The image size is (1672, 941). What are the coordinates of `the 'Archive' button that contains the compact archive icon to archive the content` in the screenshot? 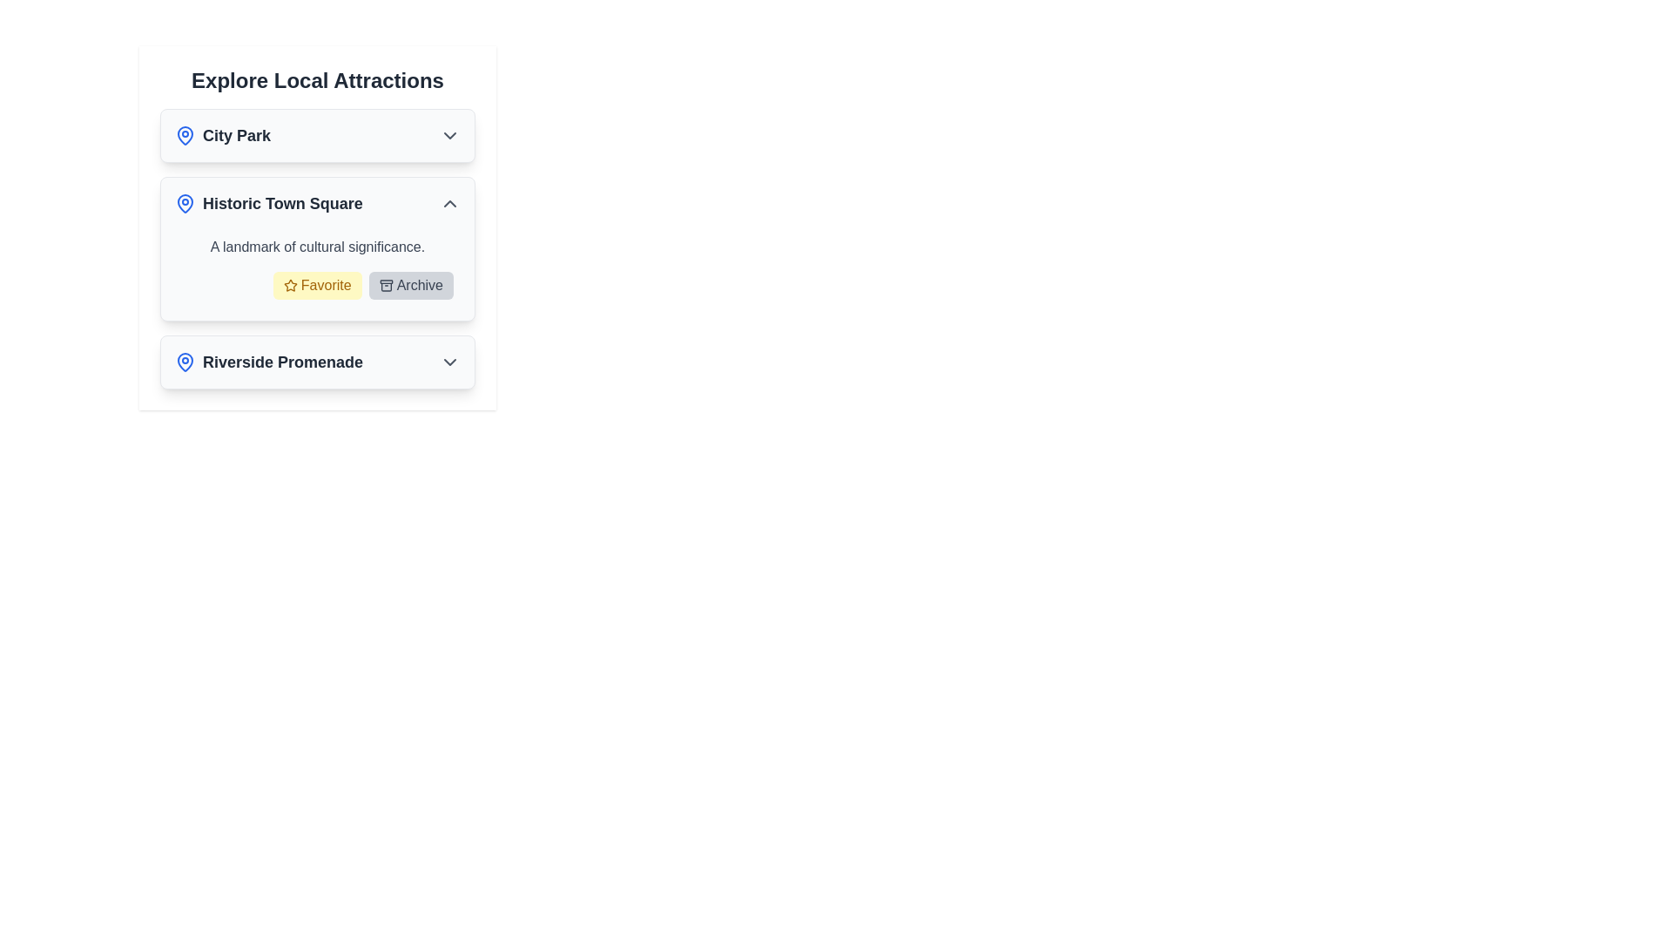 It's located at (385, 284).